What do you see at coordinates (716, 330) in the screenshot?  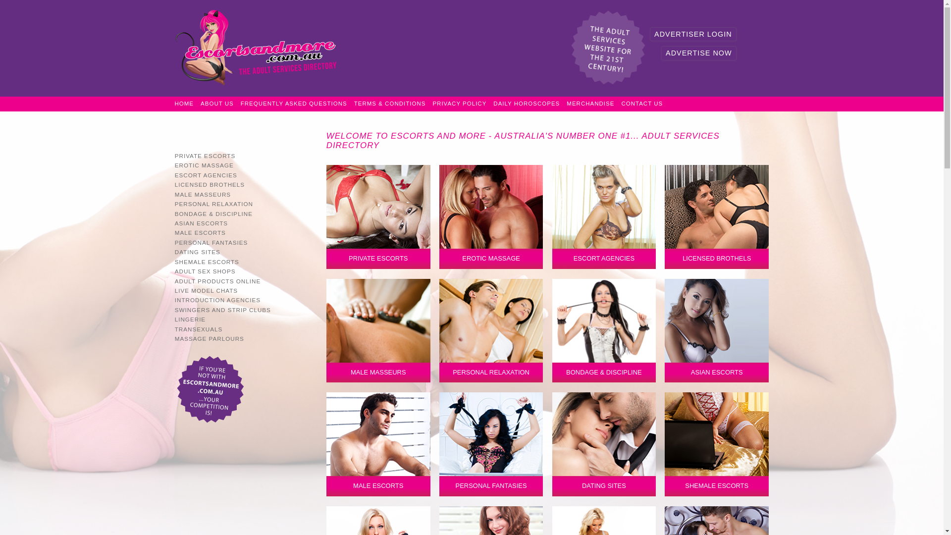 I see `'Asian Escorts'` at bounding box center [716, 330].